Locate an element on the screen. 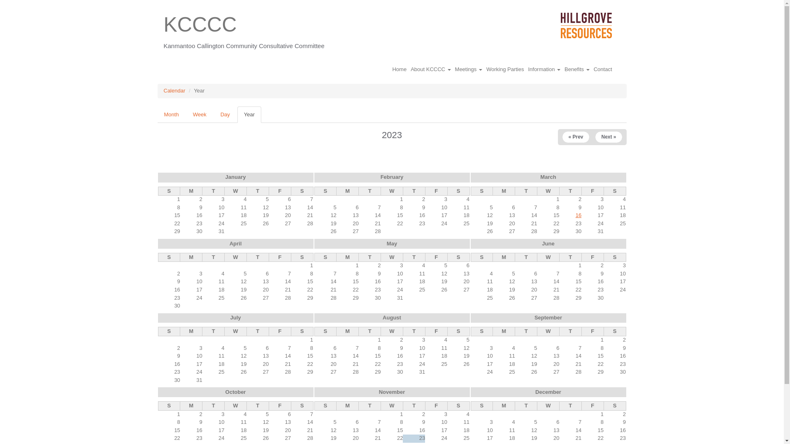 The height and width of the screenshot is (444, 790). 'Information' is located at coordinates (544, 69).